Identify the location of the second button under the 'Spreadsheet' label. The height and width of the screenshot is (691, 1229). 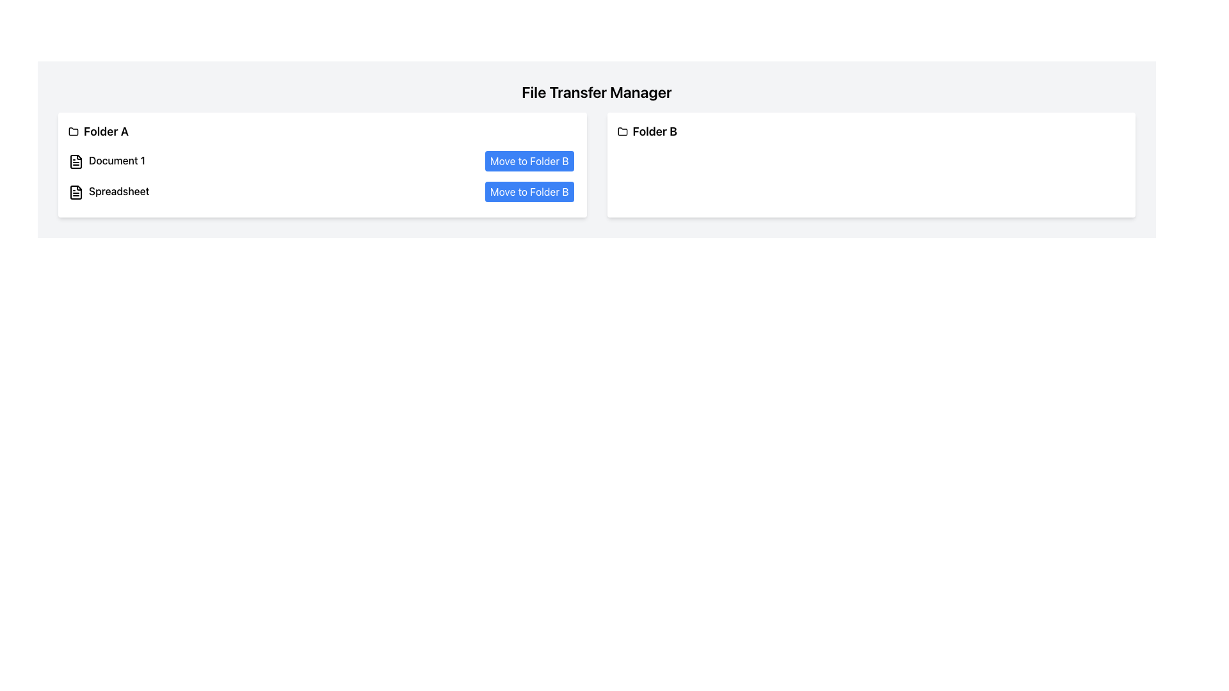
(529, 192).